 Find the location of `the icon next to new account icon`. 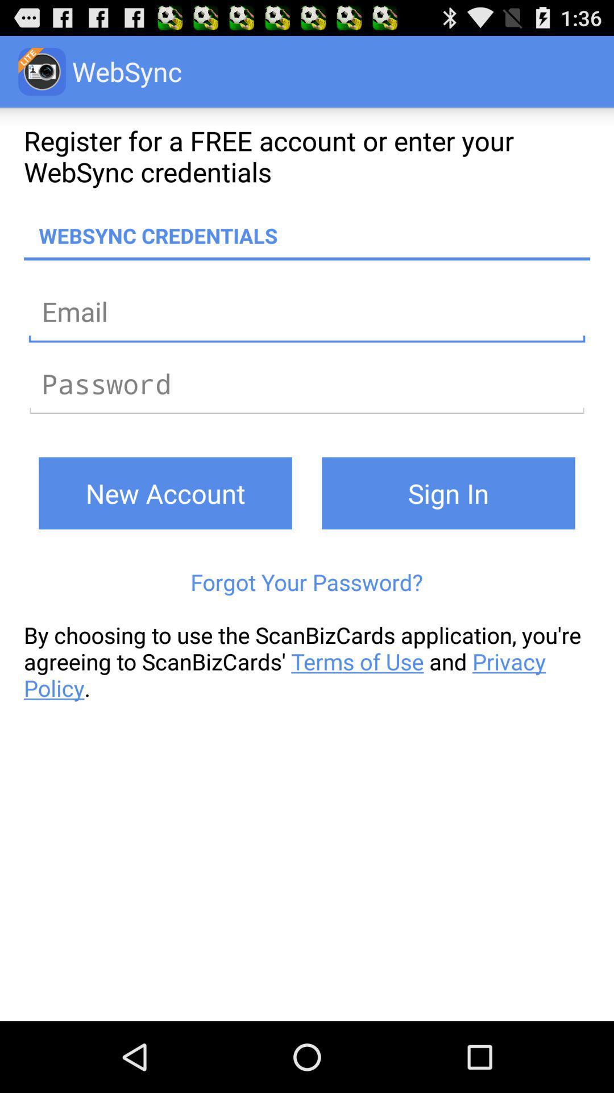

the icon next to new account icon is located at coordinates (448, 493).